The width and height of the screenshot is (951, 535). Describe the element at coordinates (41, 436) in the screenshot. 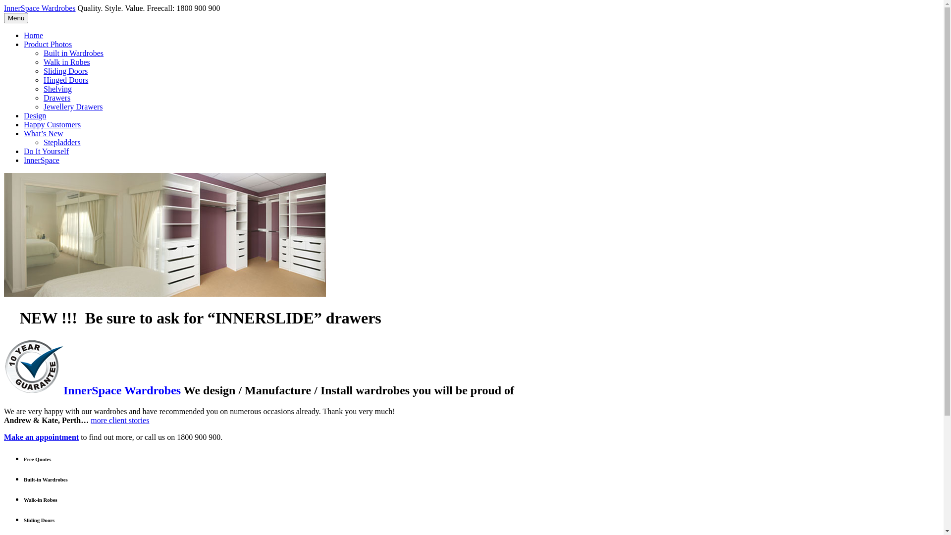

I see `'Make an appointment'` at that location.